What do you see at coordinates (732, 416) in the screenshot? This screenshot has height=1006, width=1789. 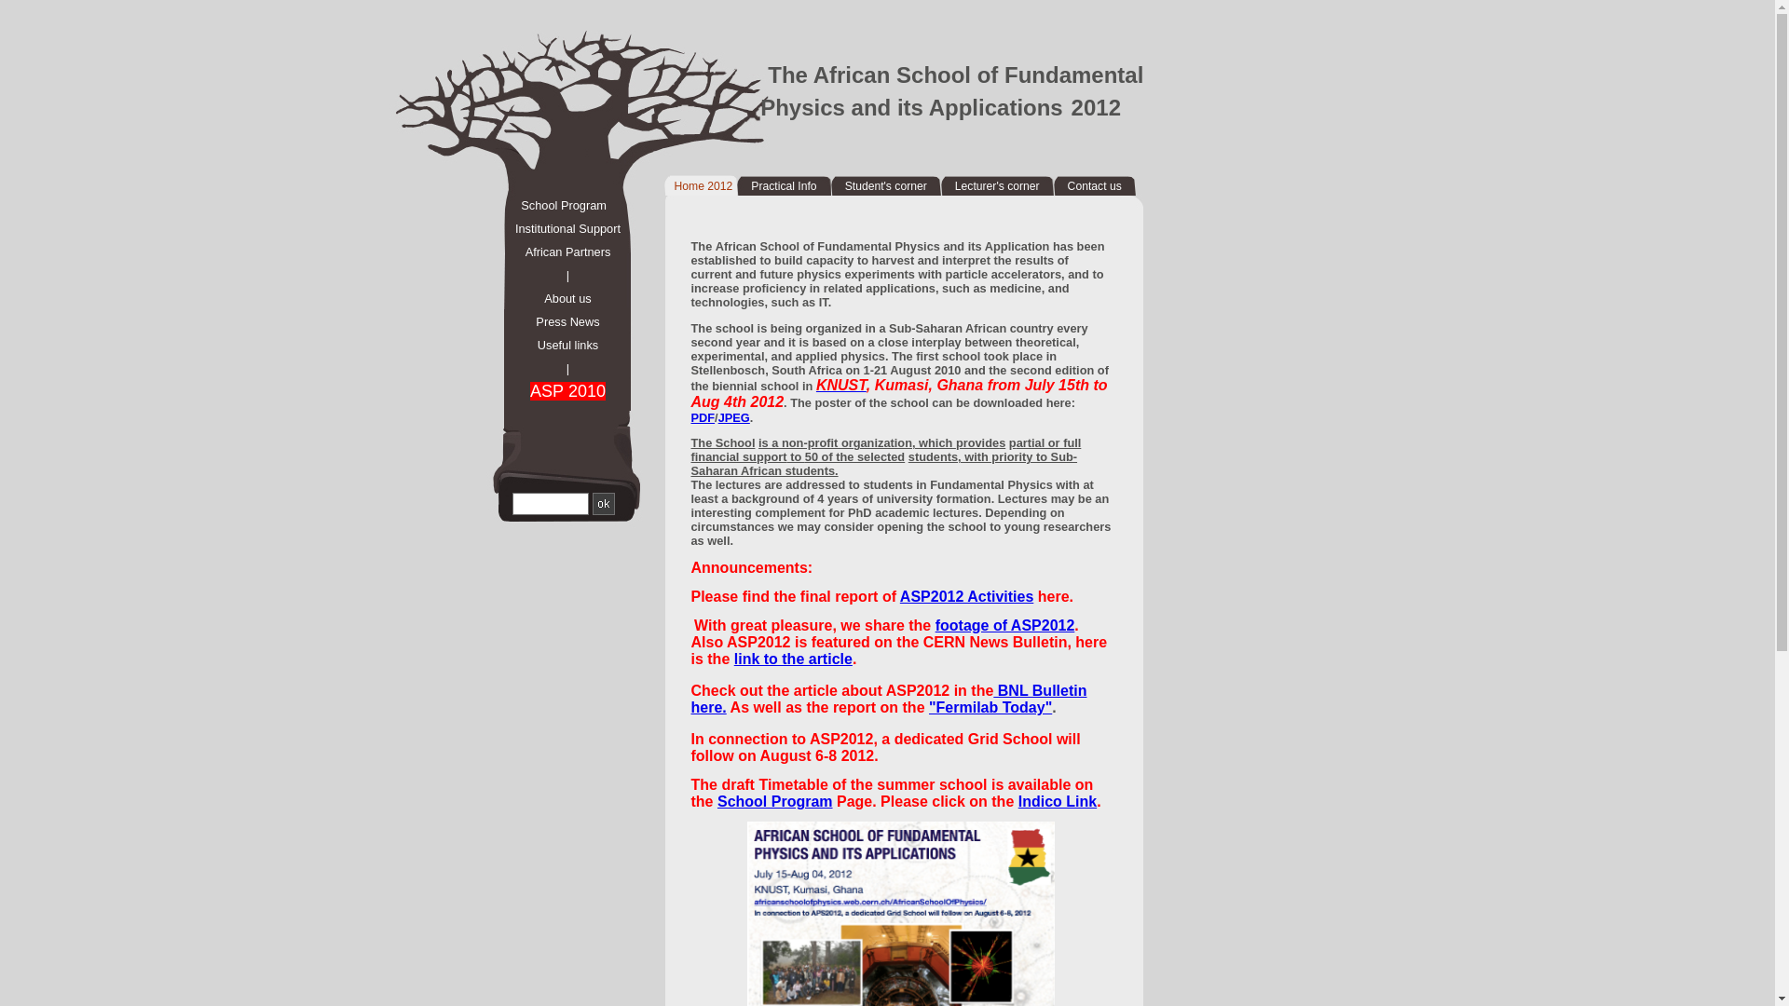 I see `'JPEG'` at bounding box center [732, 416].